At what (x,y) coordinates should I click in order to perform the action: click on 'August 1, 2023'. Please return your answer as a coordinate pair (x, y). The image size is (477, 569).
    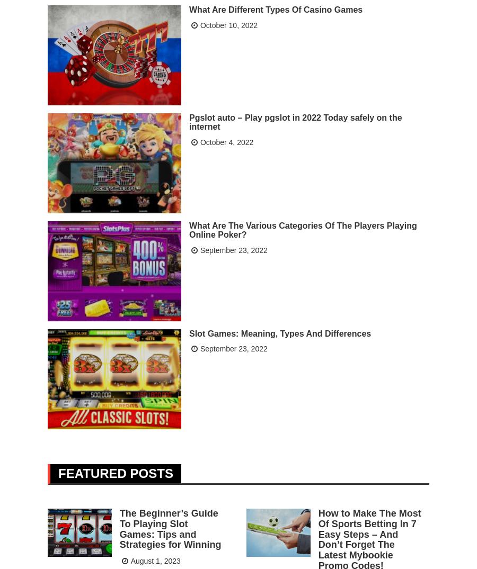
    Looking at the image, I should click on (155, 560).